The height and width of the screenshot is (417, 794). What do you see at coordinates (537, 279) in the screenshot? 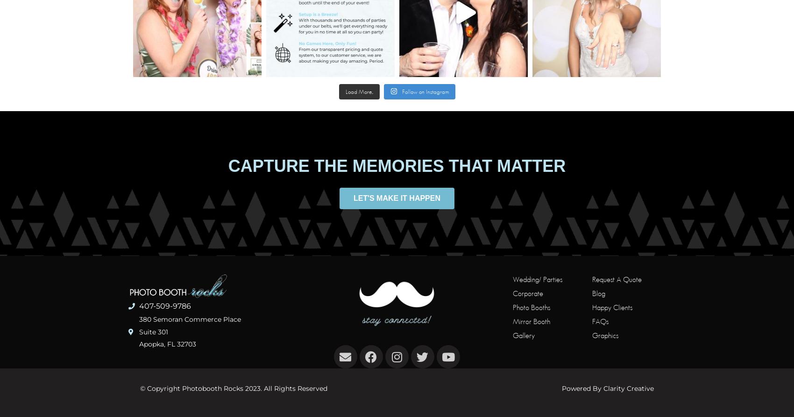
I see `'Wedding/ Parties'` at bounding box center [537, 279].